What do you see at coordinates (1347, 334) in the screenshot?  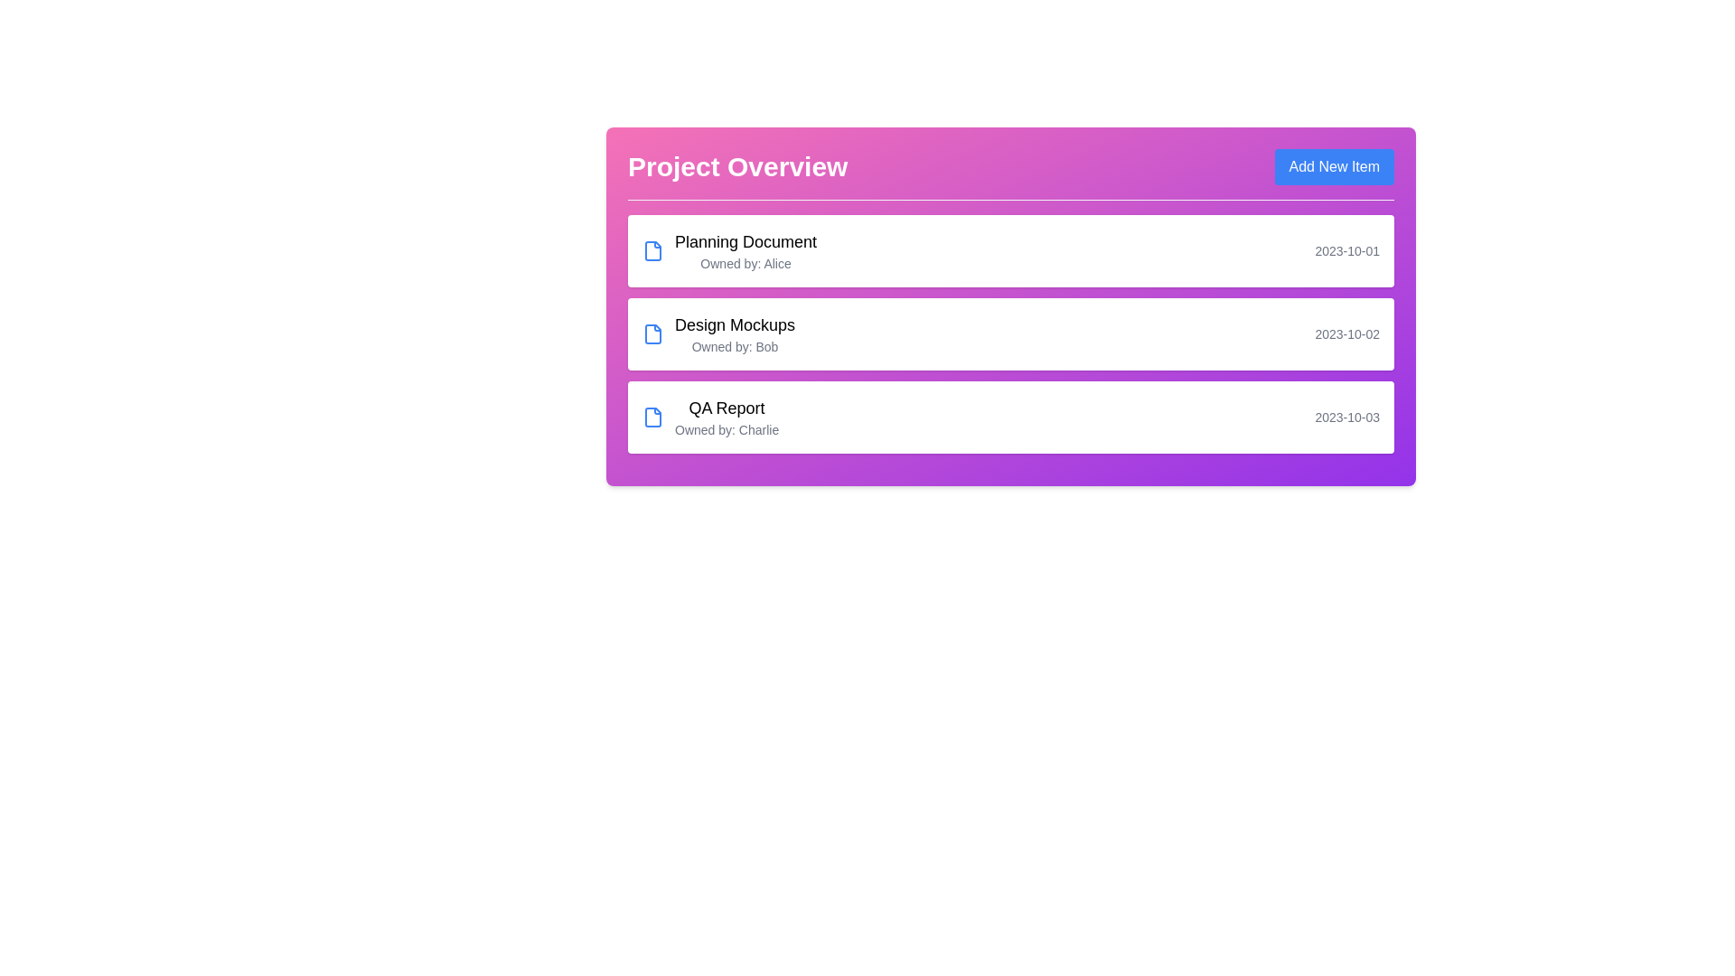 I see `the static text label that indicates the date associated with the entry in the 'Design Mockups' section, located at the right end of the block labeled 'Owned by: Bob'` at bounding box center [1347, 334].